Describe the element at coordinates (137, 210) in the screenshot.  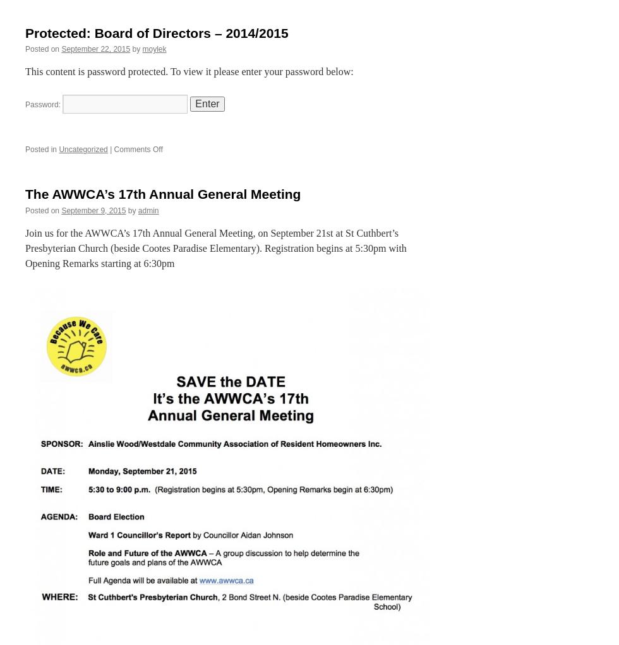
I see `'admin'` at that location.